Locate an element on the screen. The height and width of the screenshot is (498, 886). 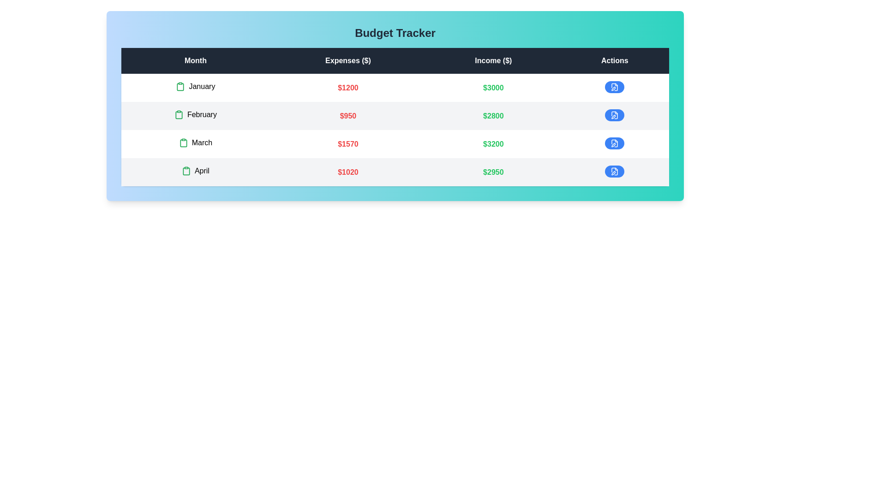
action button for the January row is located at coordinates (614, 87).